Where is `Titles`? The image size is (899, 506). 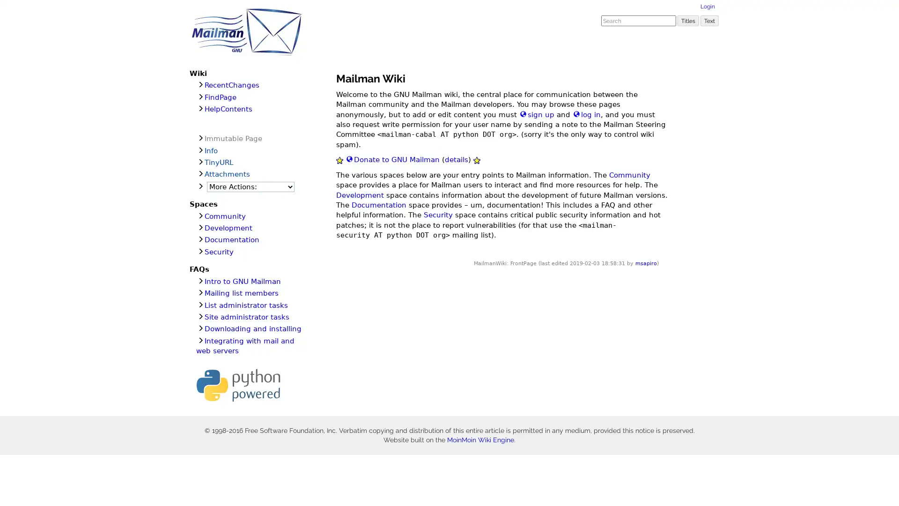
Titles is located at coordinates (688, 20).